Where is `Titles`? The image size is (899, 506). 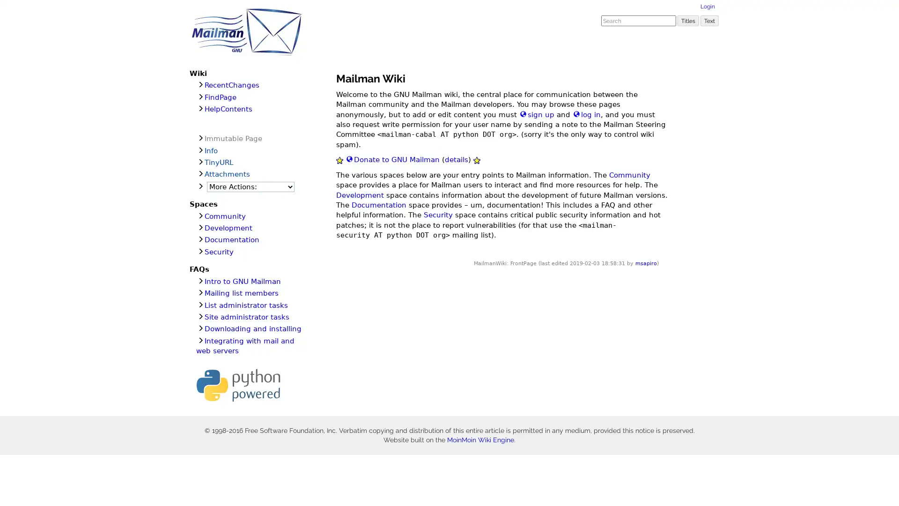
Titles is located at coordinates (688, 20).